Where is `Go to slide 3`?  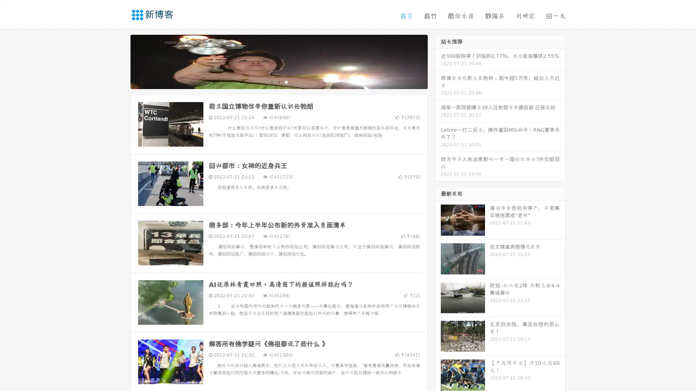
Go to slide 3 is located at coordinates (286, 81).